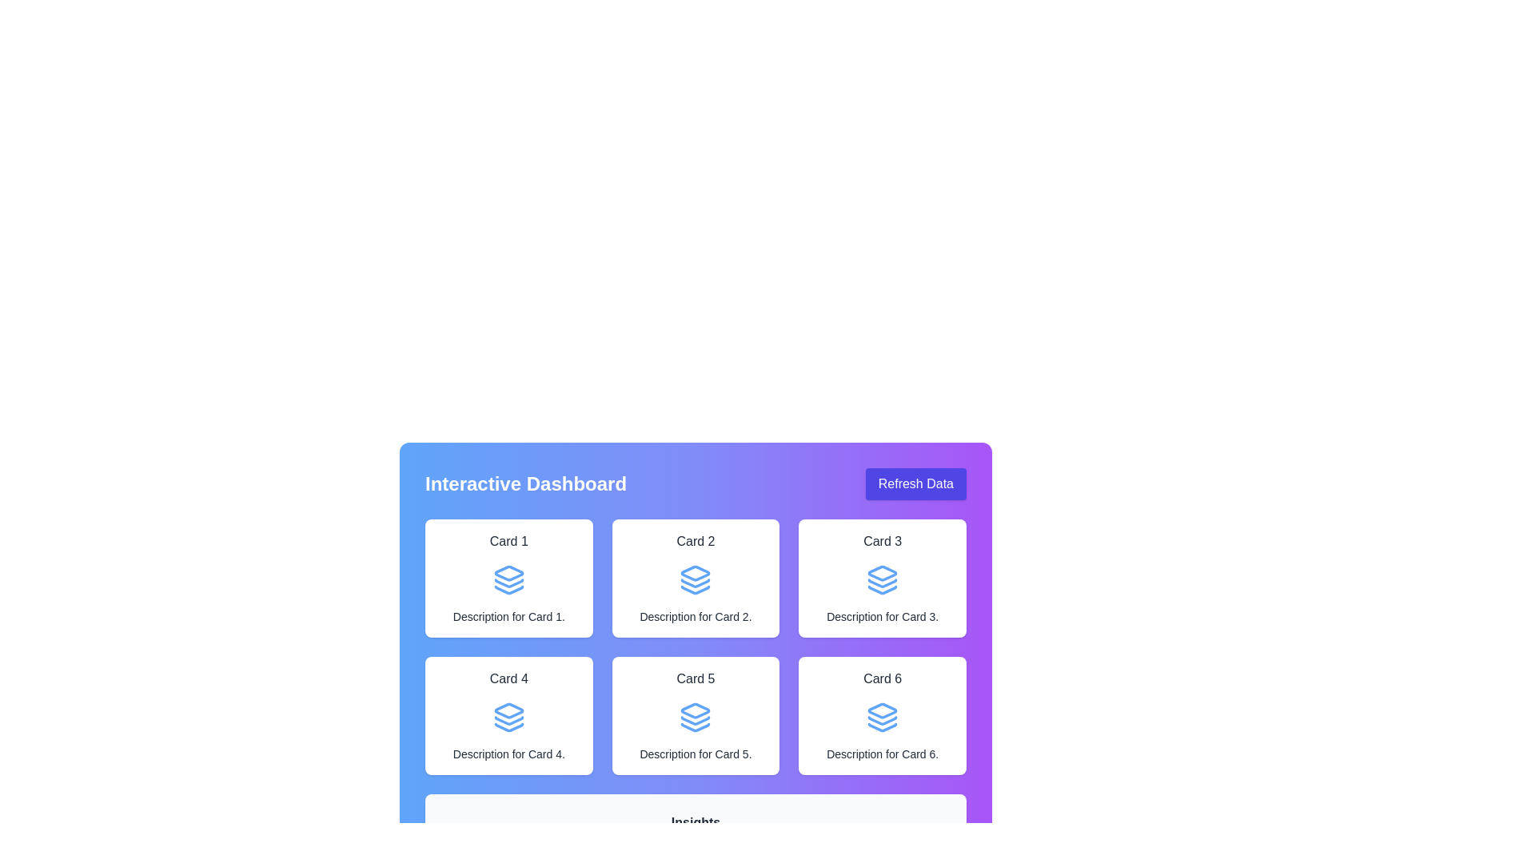 This screenshot has width=1535, height=863. Describe the element at coordinates (882, 572) in the screenshot. I see `the blue diamond graphical vector located centrally within the SVG icon above the text 'Description for Card 3' in the third card of the grid layout` at that location.